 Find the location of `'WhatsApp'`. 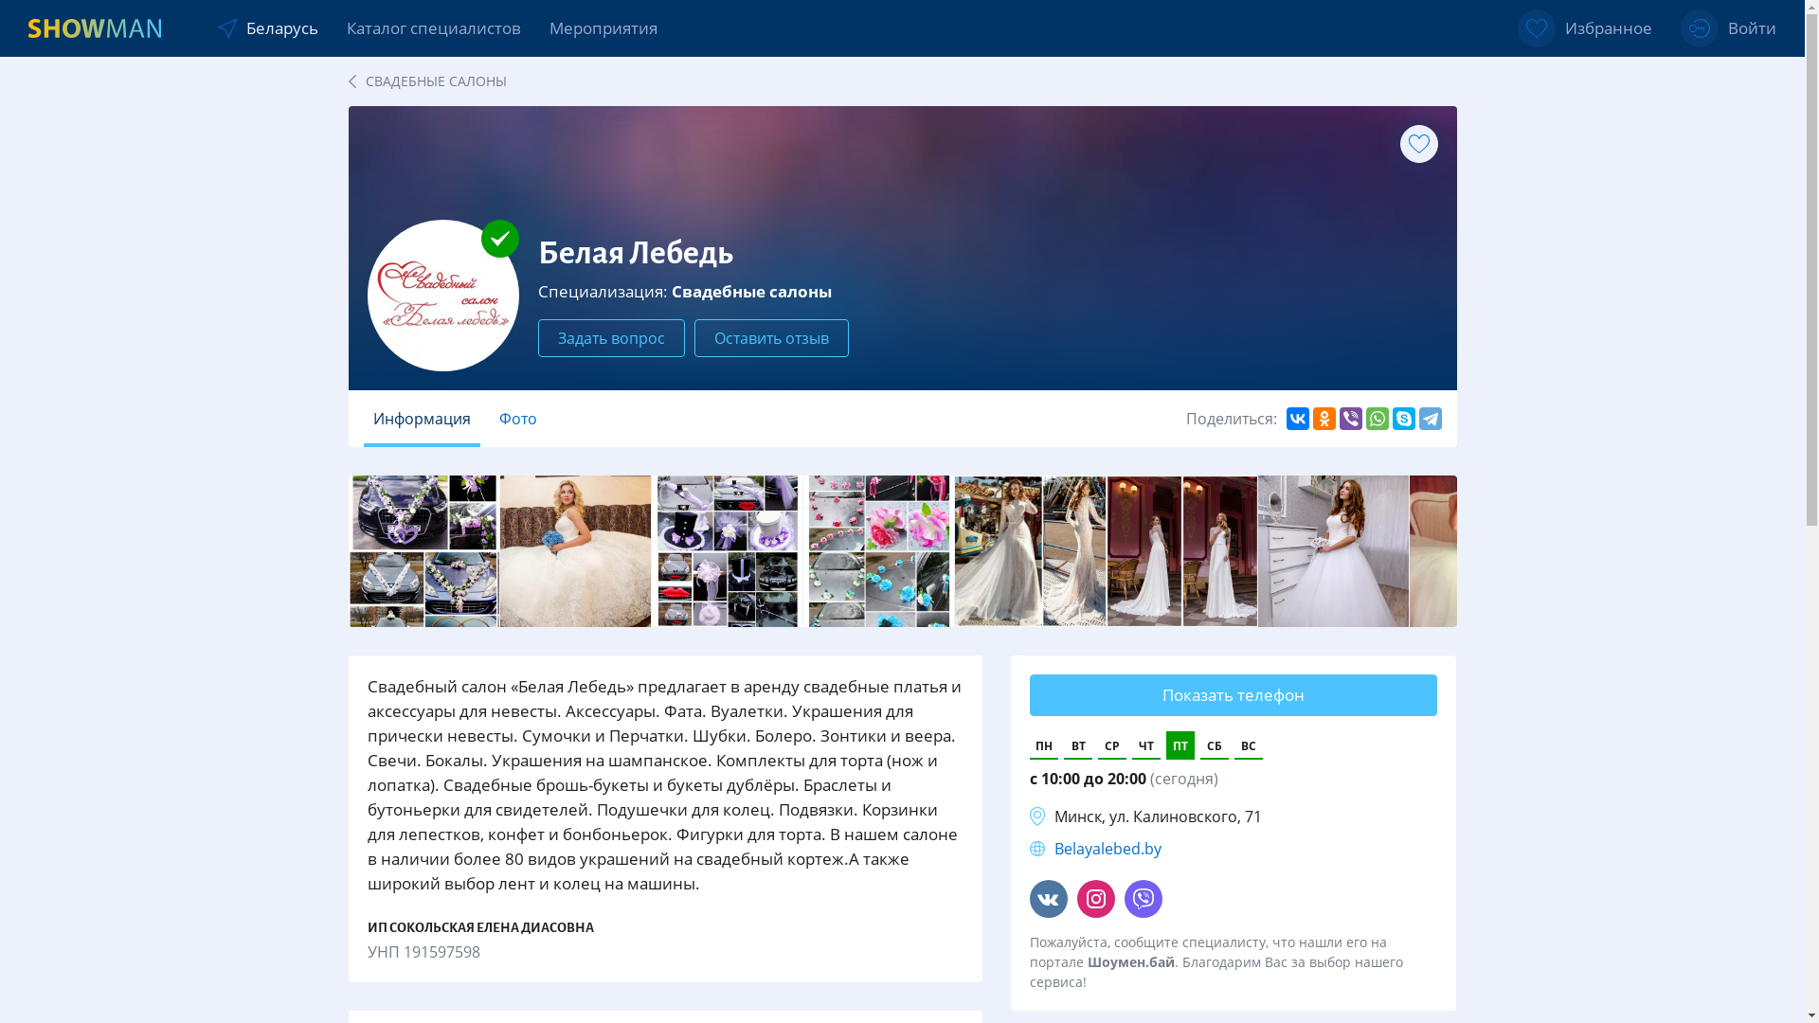

'WhatsApp' is located at coordinates (1378, 418).